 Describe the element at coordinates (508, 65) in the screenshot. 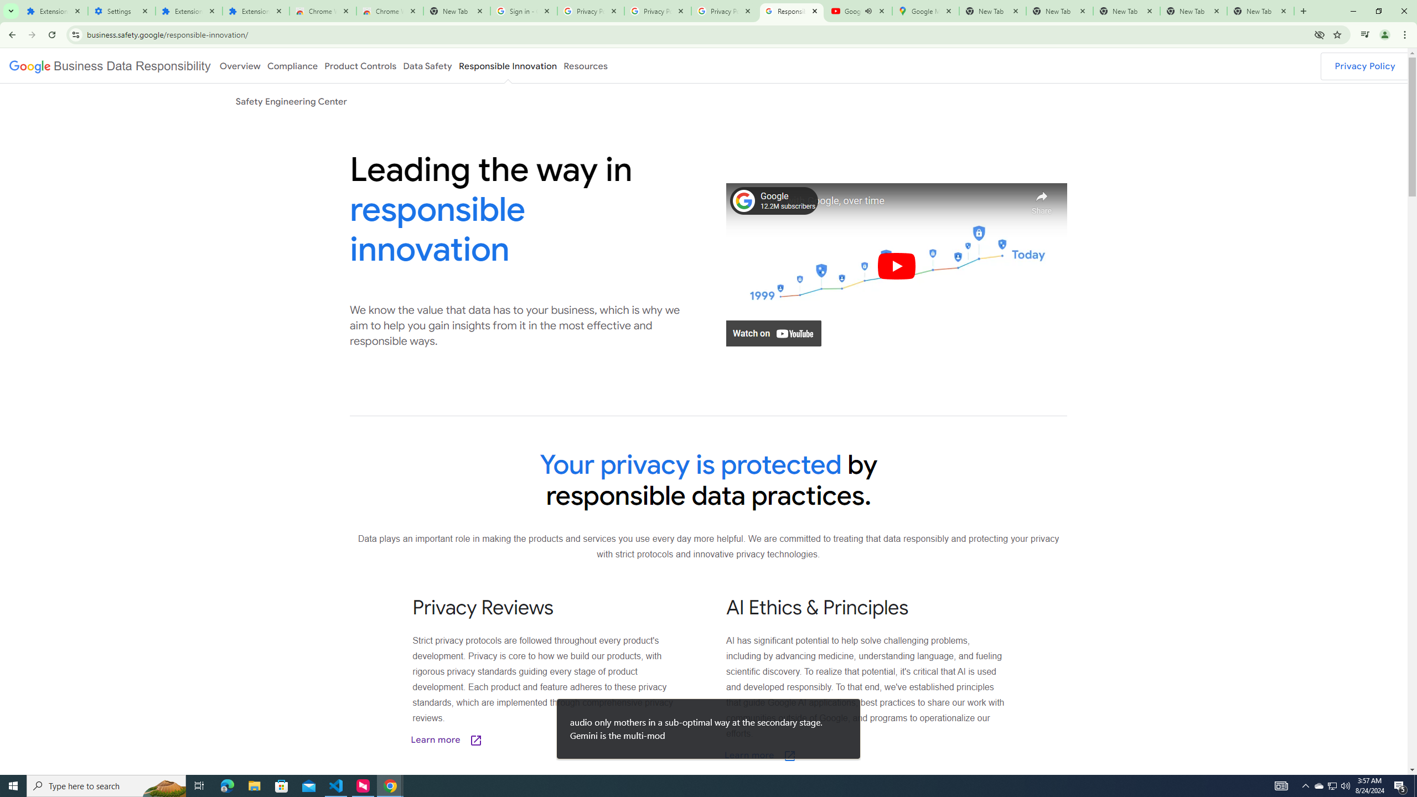

I see `'Responsible Innovation'` at that location.